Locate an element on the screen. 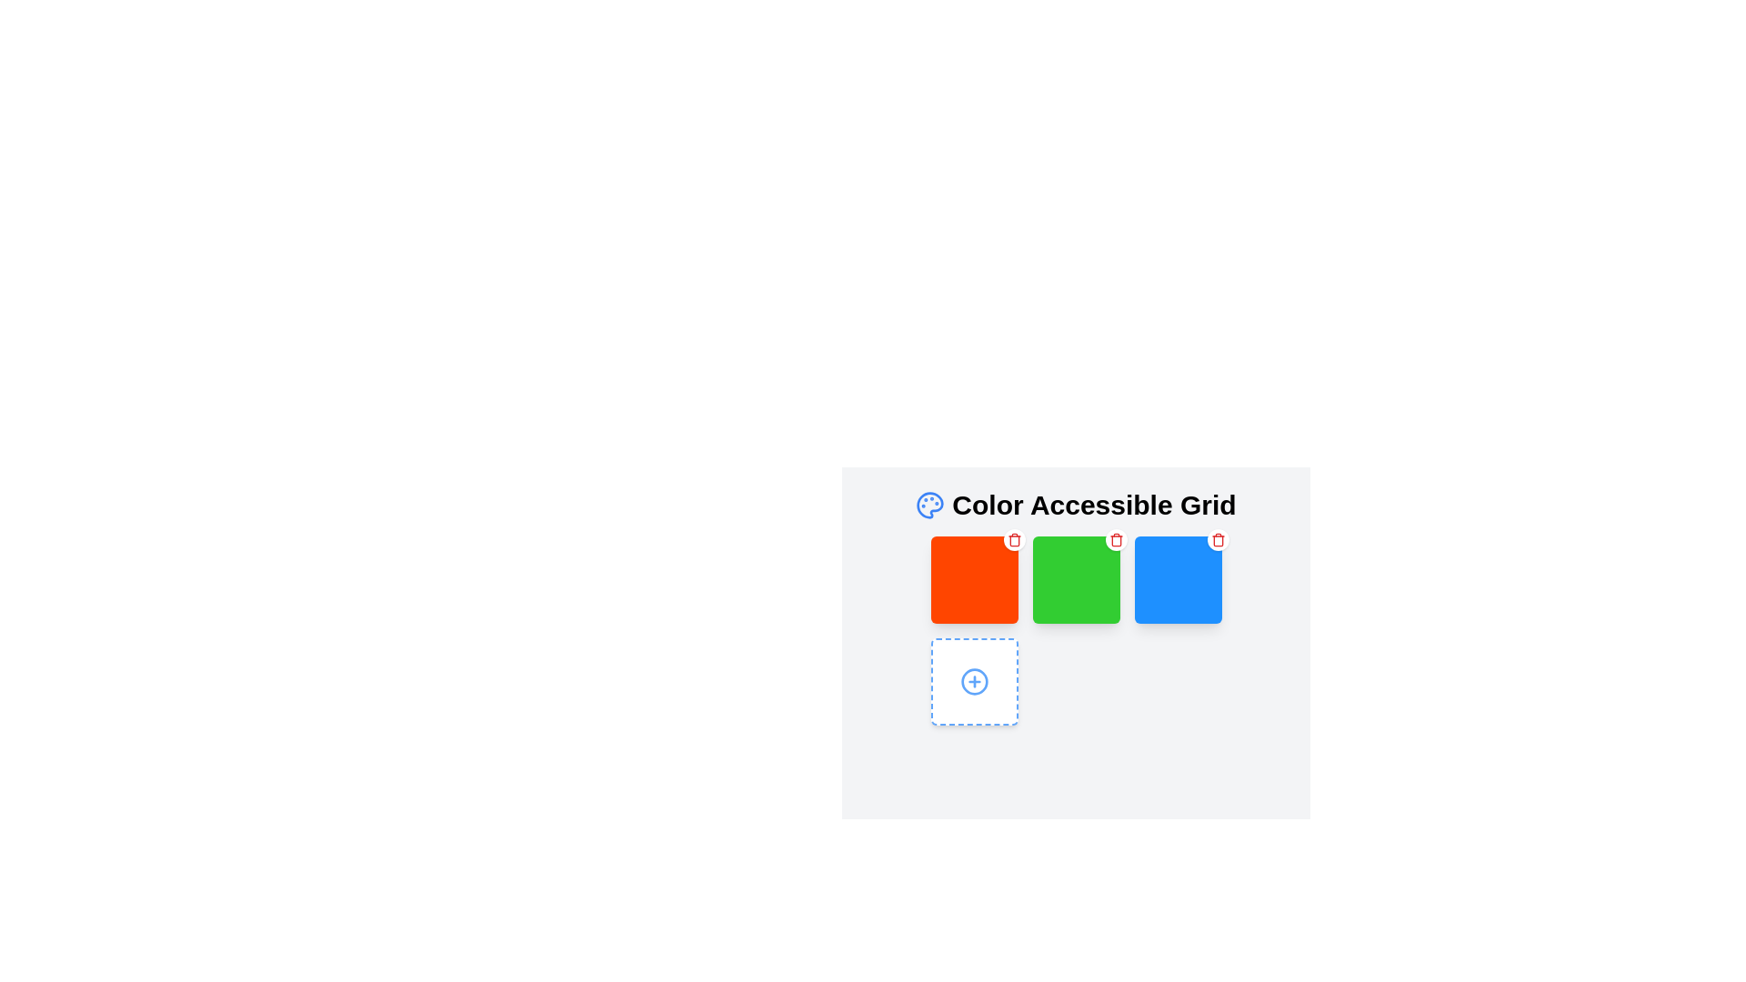  the delete button located at the top-right corner of the blue tile in the rightmost position of the 'Color Accessible Grid' is located at coordinates (1218, 539).